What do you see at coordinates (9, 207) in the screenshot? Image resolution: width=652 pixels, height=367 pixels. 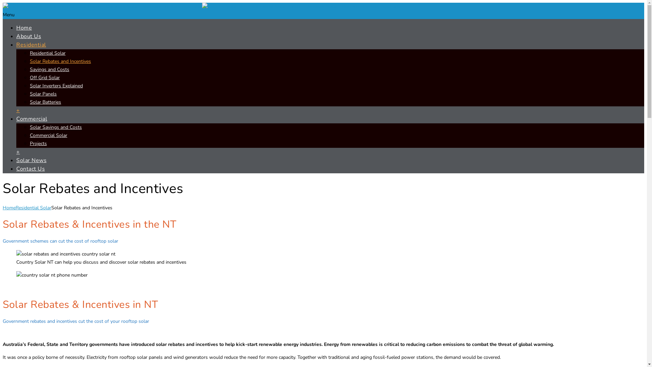 I see `'Home'` at bounding box center [9, 207].